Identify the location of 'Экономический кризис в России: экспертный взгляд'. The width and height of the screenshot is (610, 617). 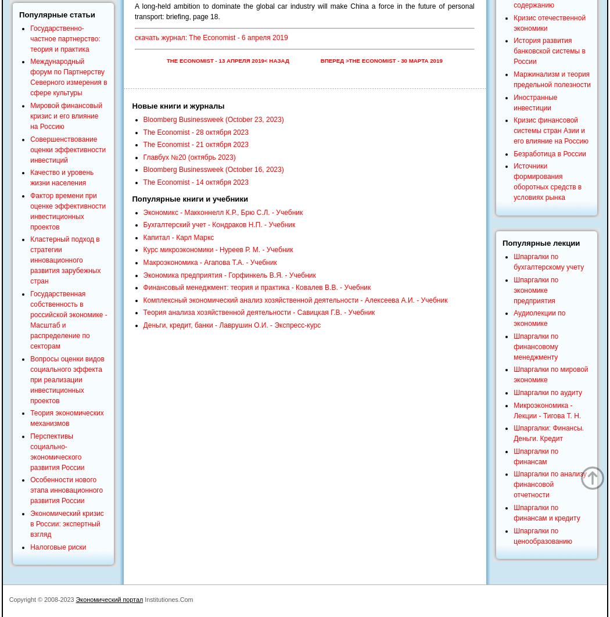
(66, 523).